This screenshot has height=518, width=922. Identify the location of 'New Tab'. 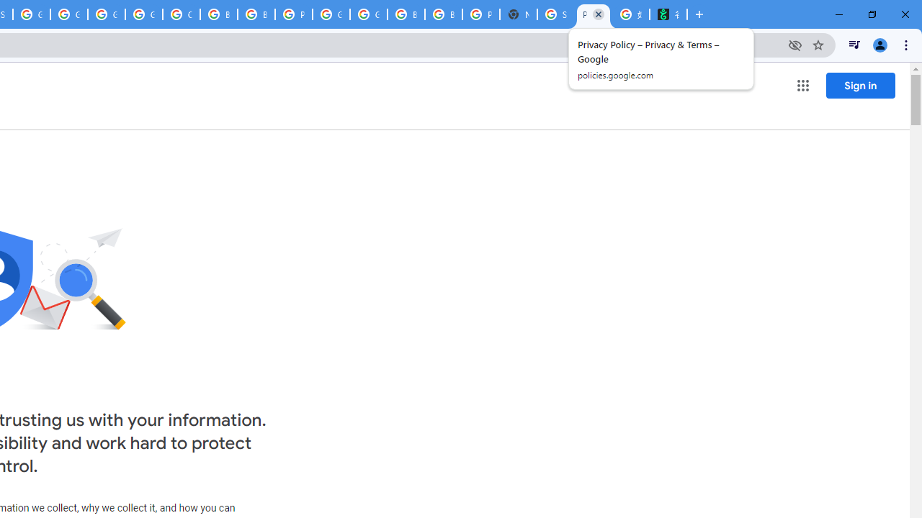
(519, 14).